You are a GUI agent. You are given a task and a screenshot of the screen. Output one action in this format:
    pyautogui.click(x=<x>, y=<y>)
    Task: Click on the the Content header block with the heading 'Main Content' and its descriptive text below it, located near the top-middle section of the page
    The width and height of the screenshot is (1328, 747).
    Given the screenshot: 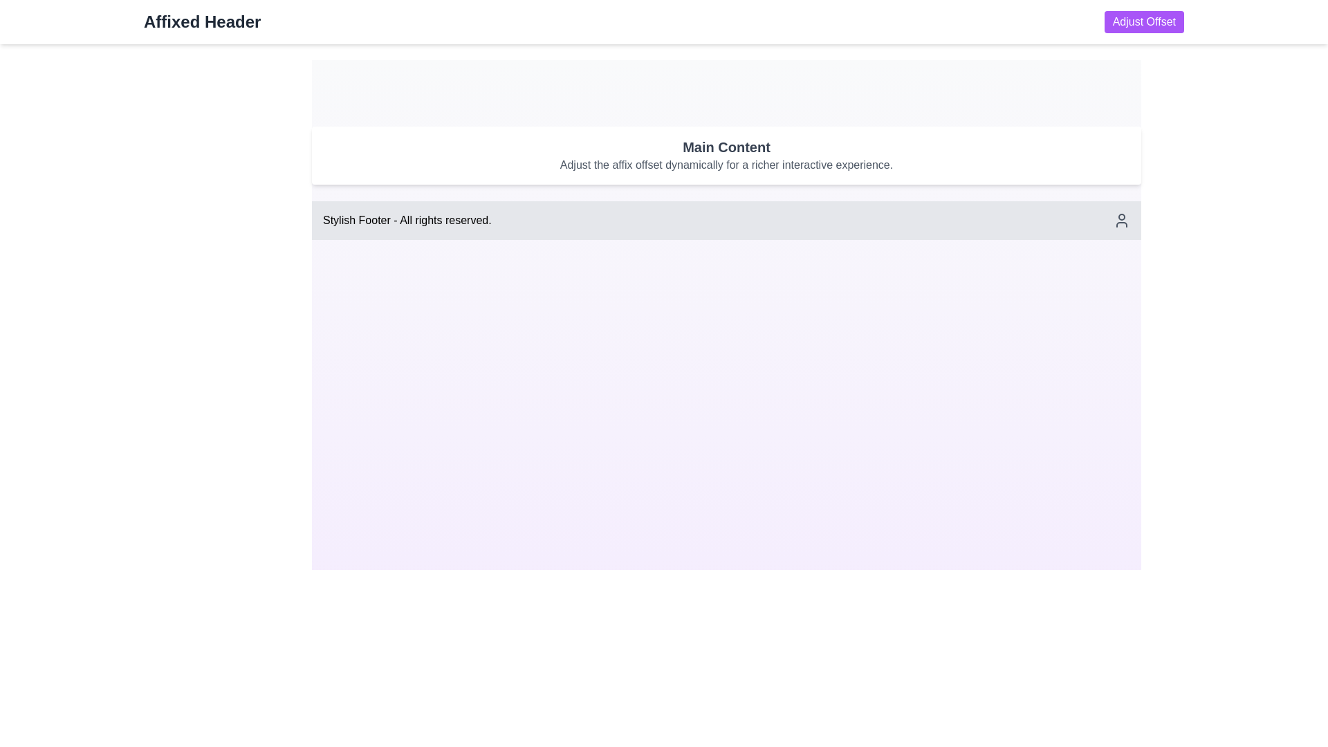 What is the action you would take?
    pyautogui.click(x=726, y=155)
    